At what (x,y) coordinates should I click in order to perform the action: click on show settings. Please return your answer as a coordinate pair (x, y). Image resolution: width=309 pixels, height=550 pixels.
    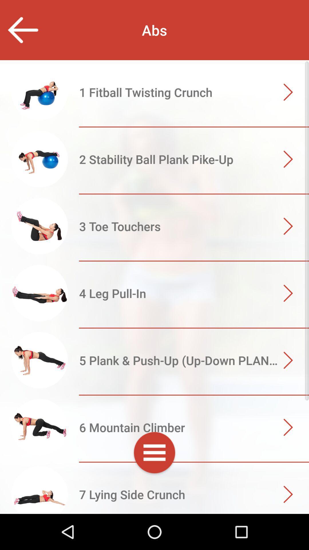
    Looking at the image, I should click on (154, 453).